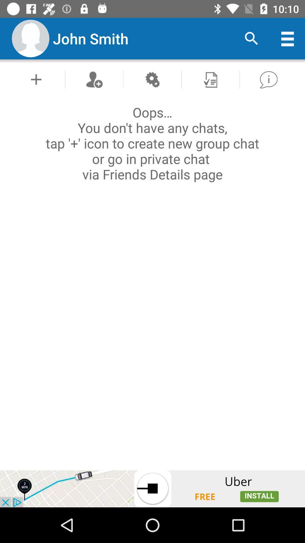 The height and width of the screenshot is (543, 305). I want to click on friend button, so click(94, 79).